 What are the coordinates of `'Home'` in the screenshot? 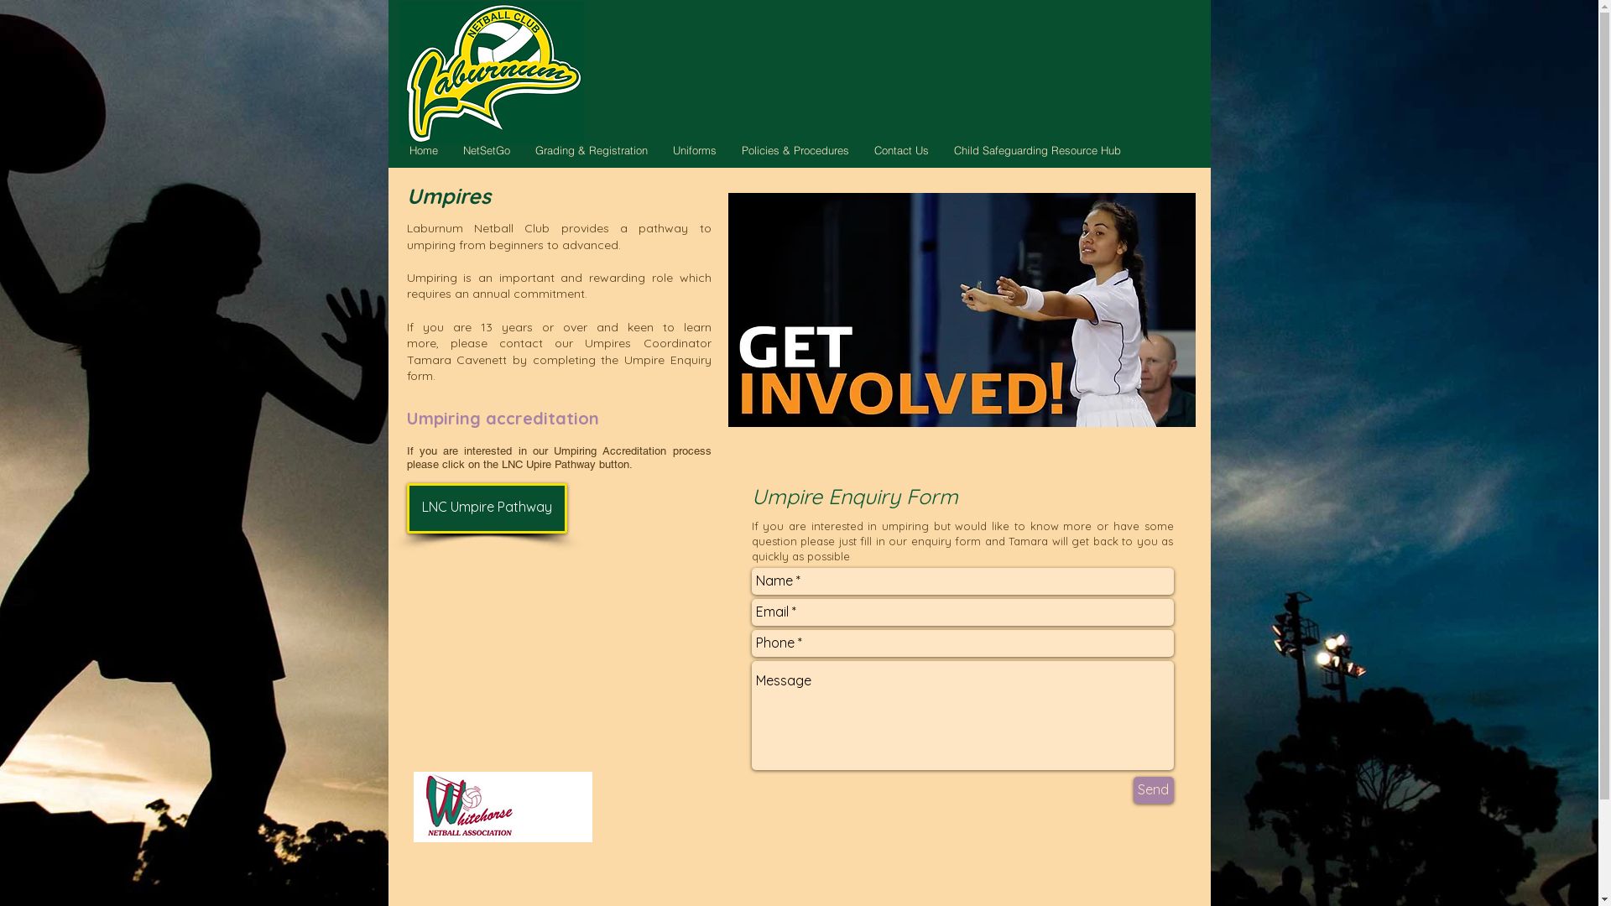 It's located at (423, 149).